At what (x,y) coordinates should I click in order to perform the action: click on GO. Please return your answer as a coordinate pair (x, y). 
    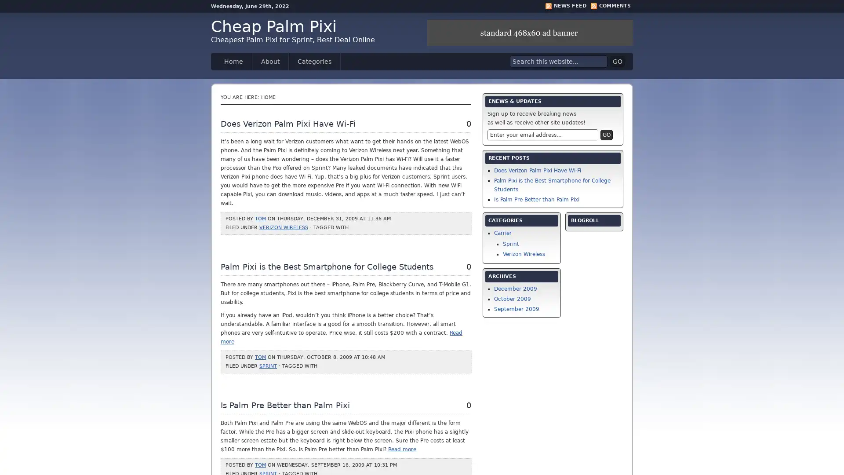
    Looking at the image, I should click on (606, 135).